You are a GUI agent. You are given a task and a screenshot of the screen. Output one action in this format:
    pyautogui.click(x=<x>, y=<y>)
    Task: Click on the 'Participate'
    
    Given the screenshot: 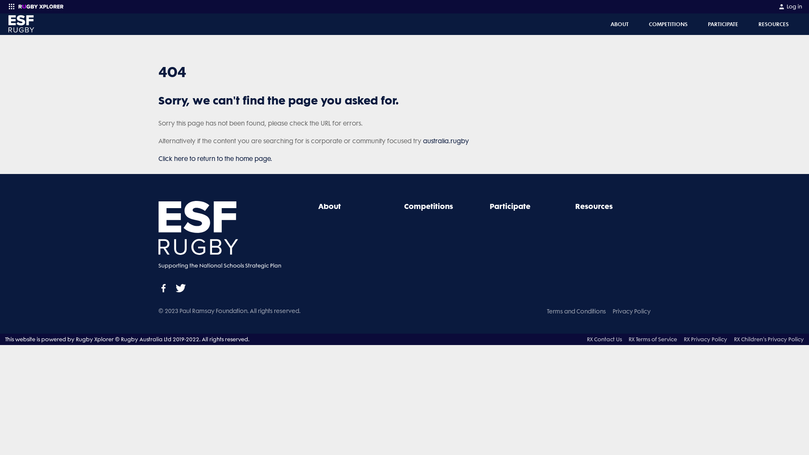 What is the action you would take?
    pyautogui.click(x=489, y=206)
    